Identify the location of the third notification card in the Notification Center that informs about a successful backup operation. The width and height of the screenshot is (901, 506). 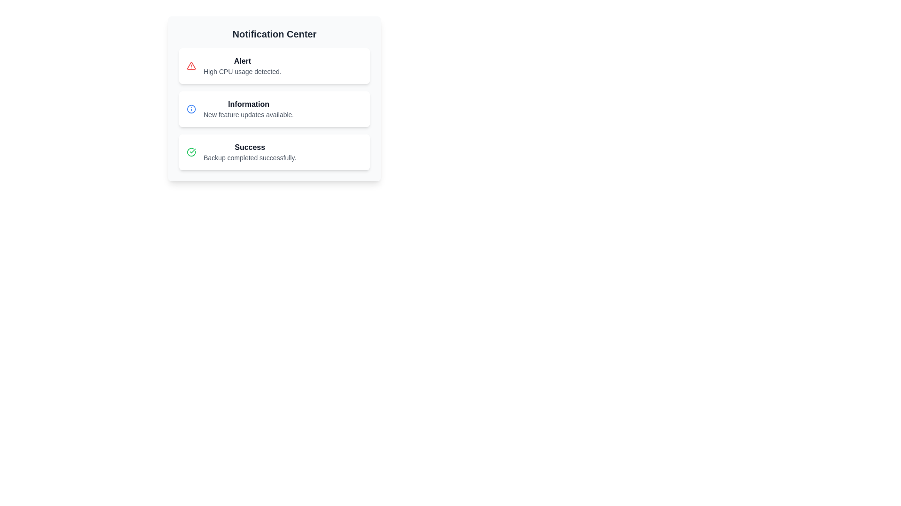
(274, 151).